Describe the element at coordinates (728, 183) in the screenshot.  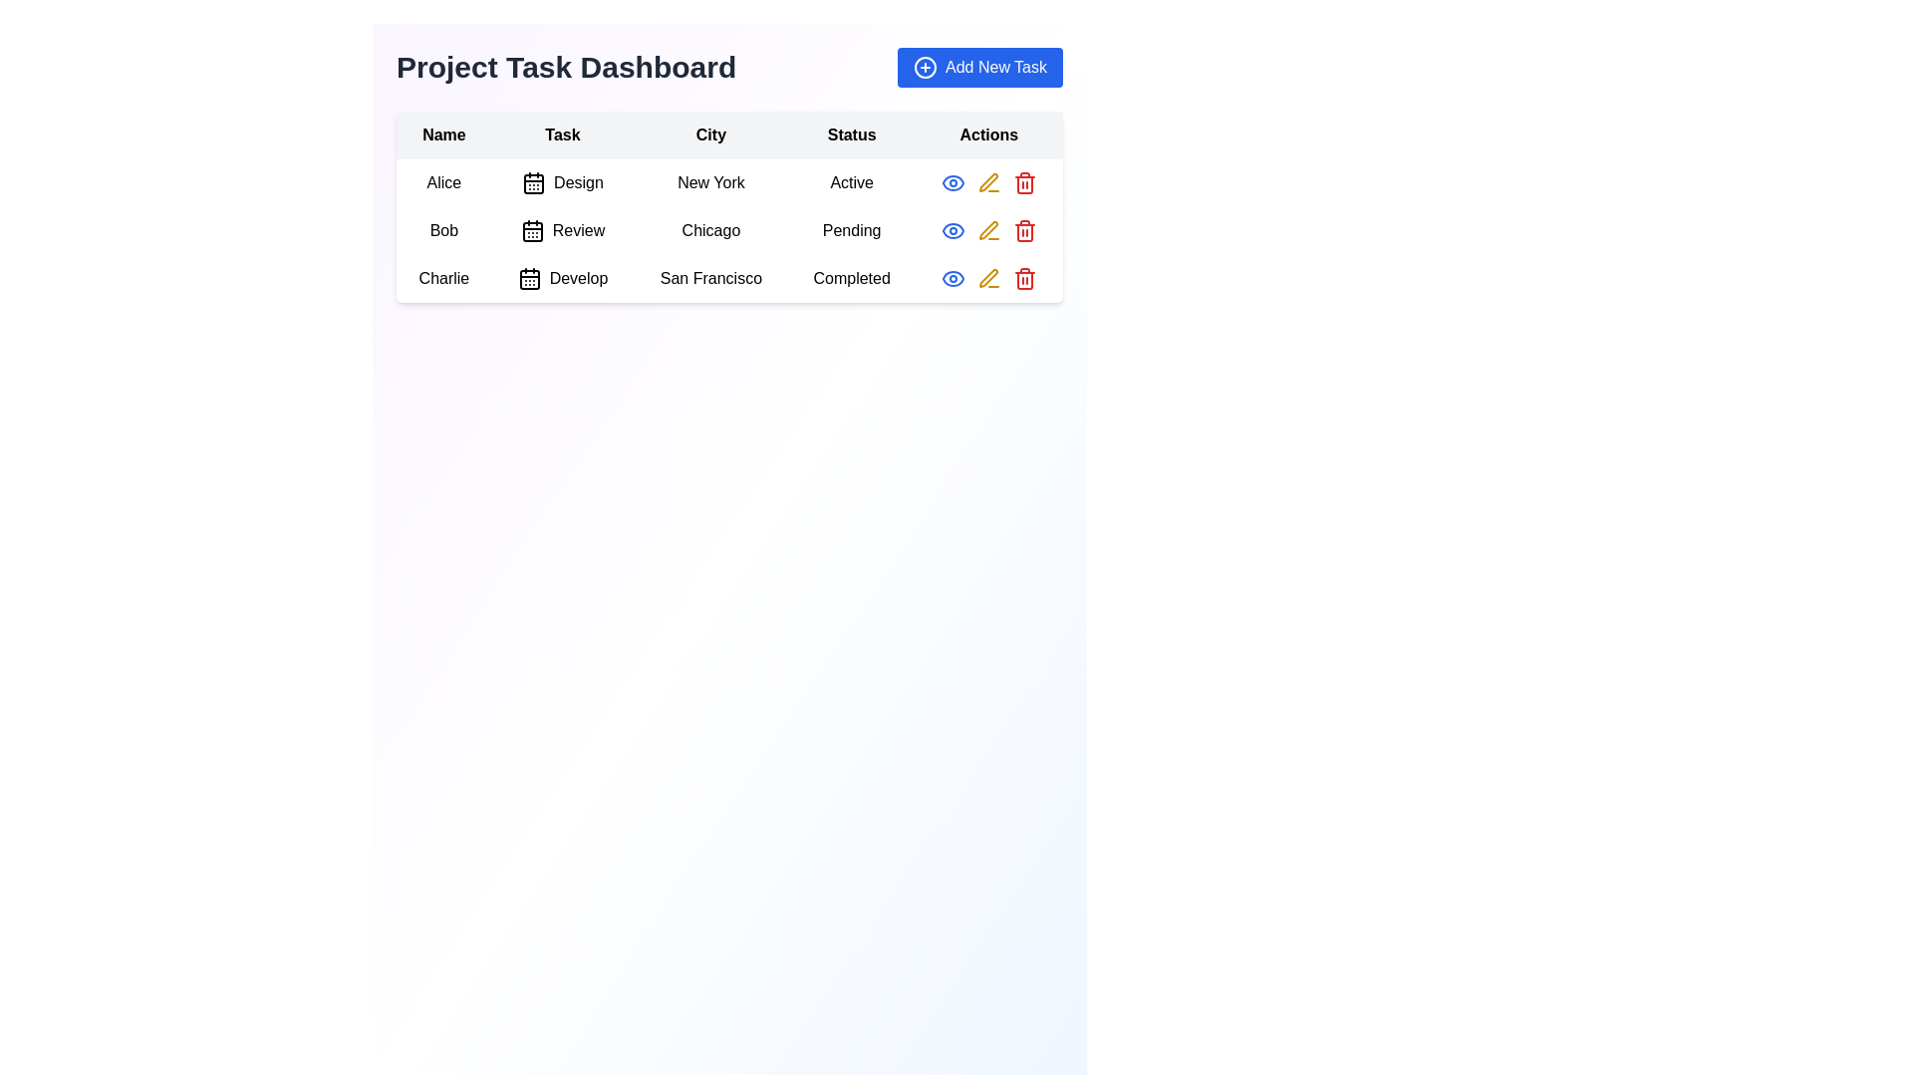
I see `the Text label displaying the city name associated with 'Alice' under the 'City' column in the dataset` at that location.